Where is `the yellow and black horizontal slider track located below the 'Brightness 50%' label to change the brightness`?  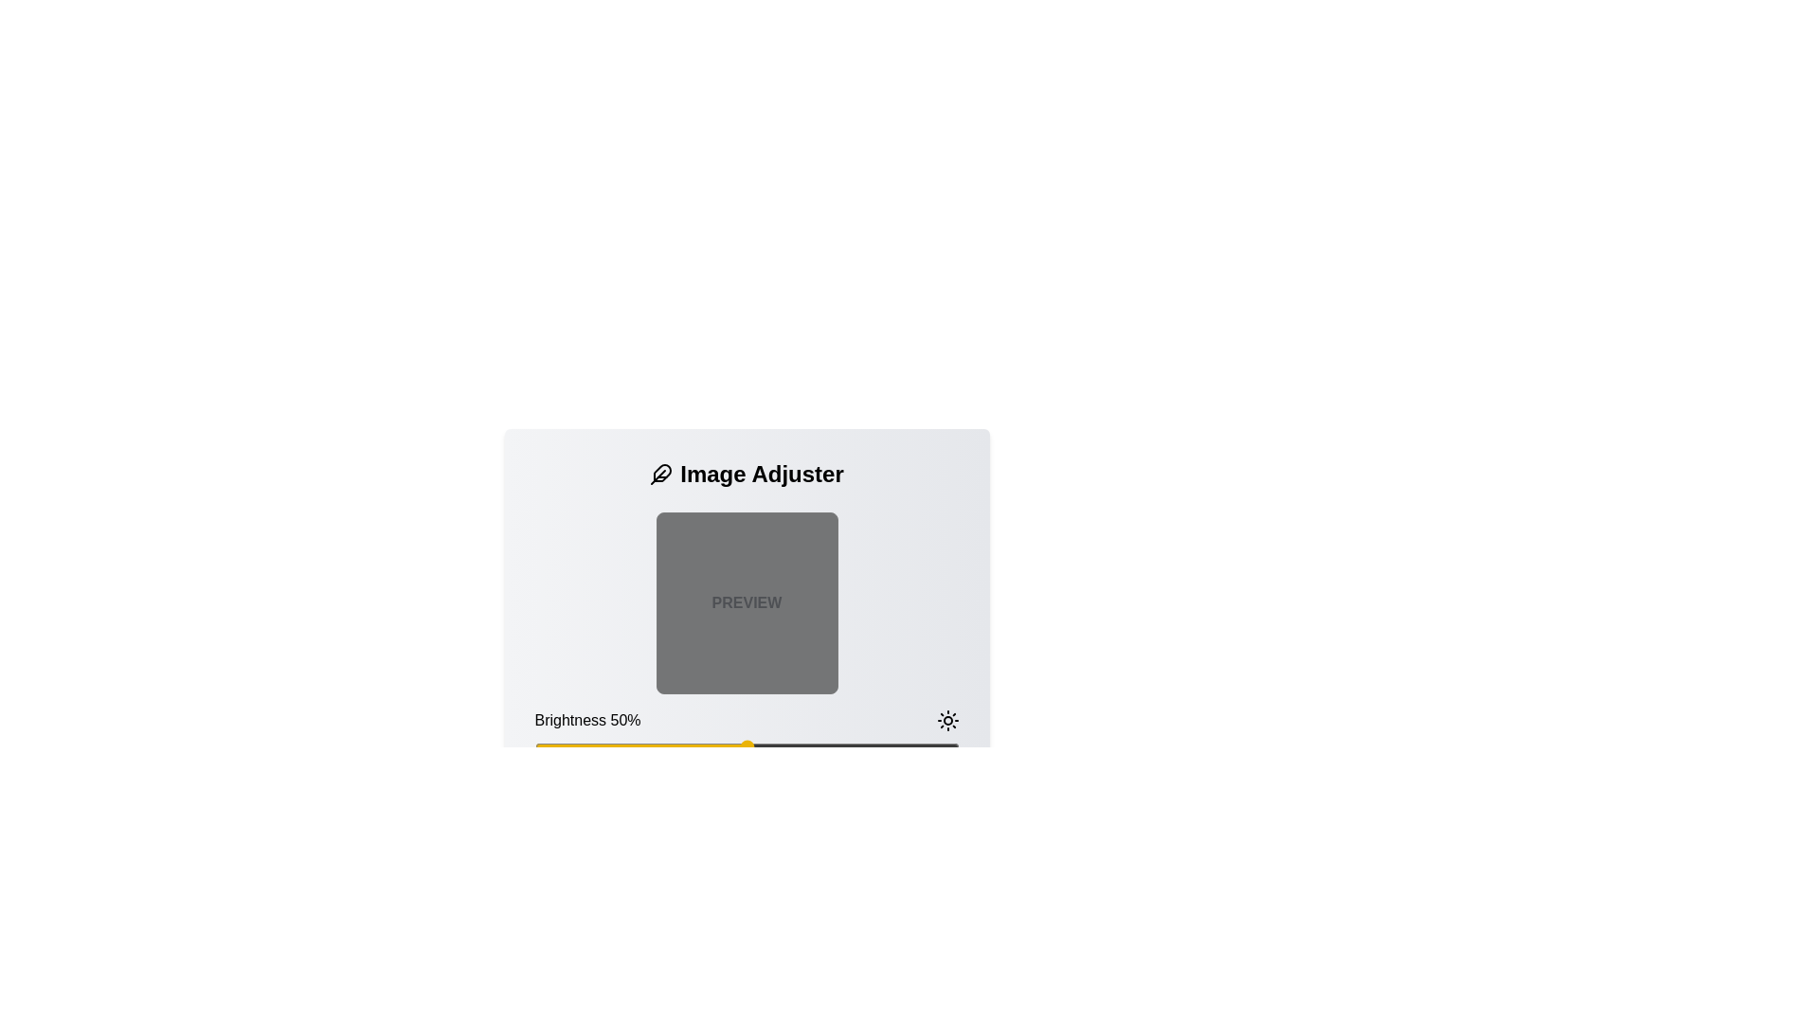
the yellow and black horizontal slider track located below the 'Brightness 50%' label to change the brightness is located at coordinates (746, 746).